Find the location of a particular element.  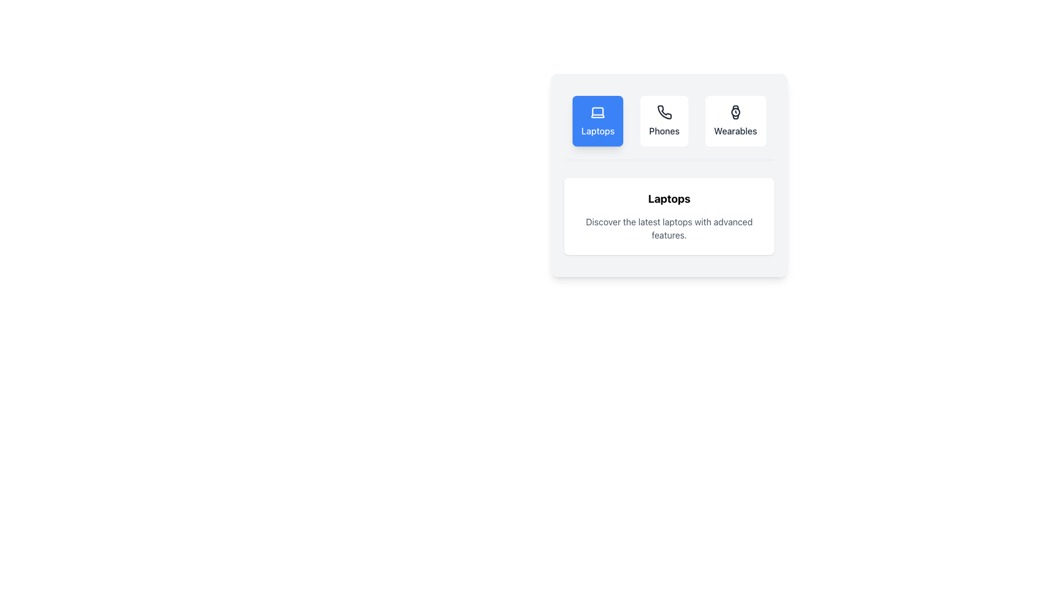

the 'Laptops' category icon, which is located in the first interactive card, centrally positioned above the text 'Laptops' is located at coordinates (597, 112).